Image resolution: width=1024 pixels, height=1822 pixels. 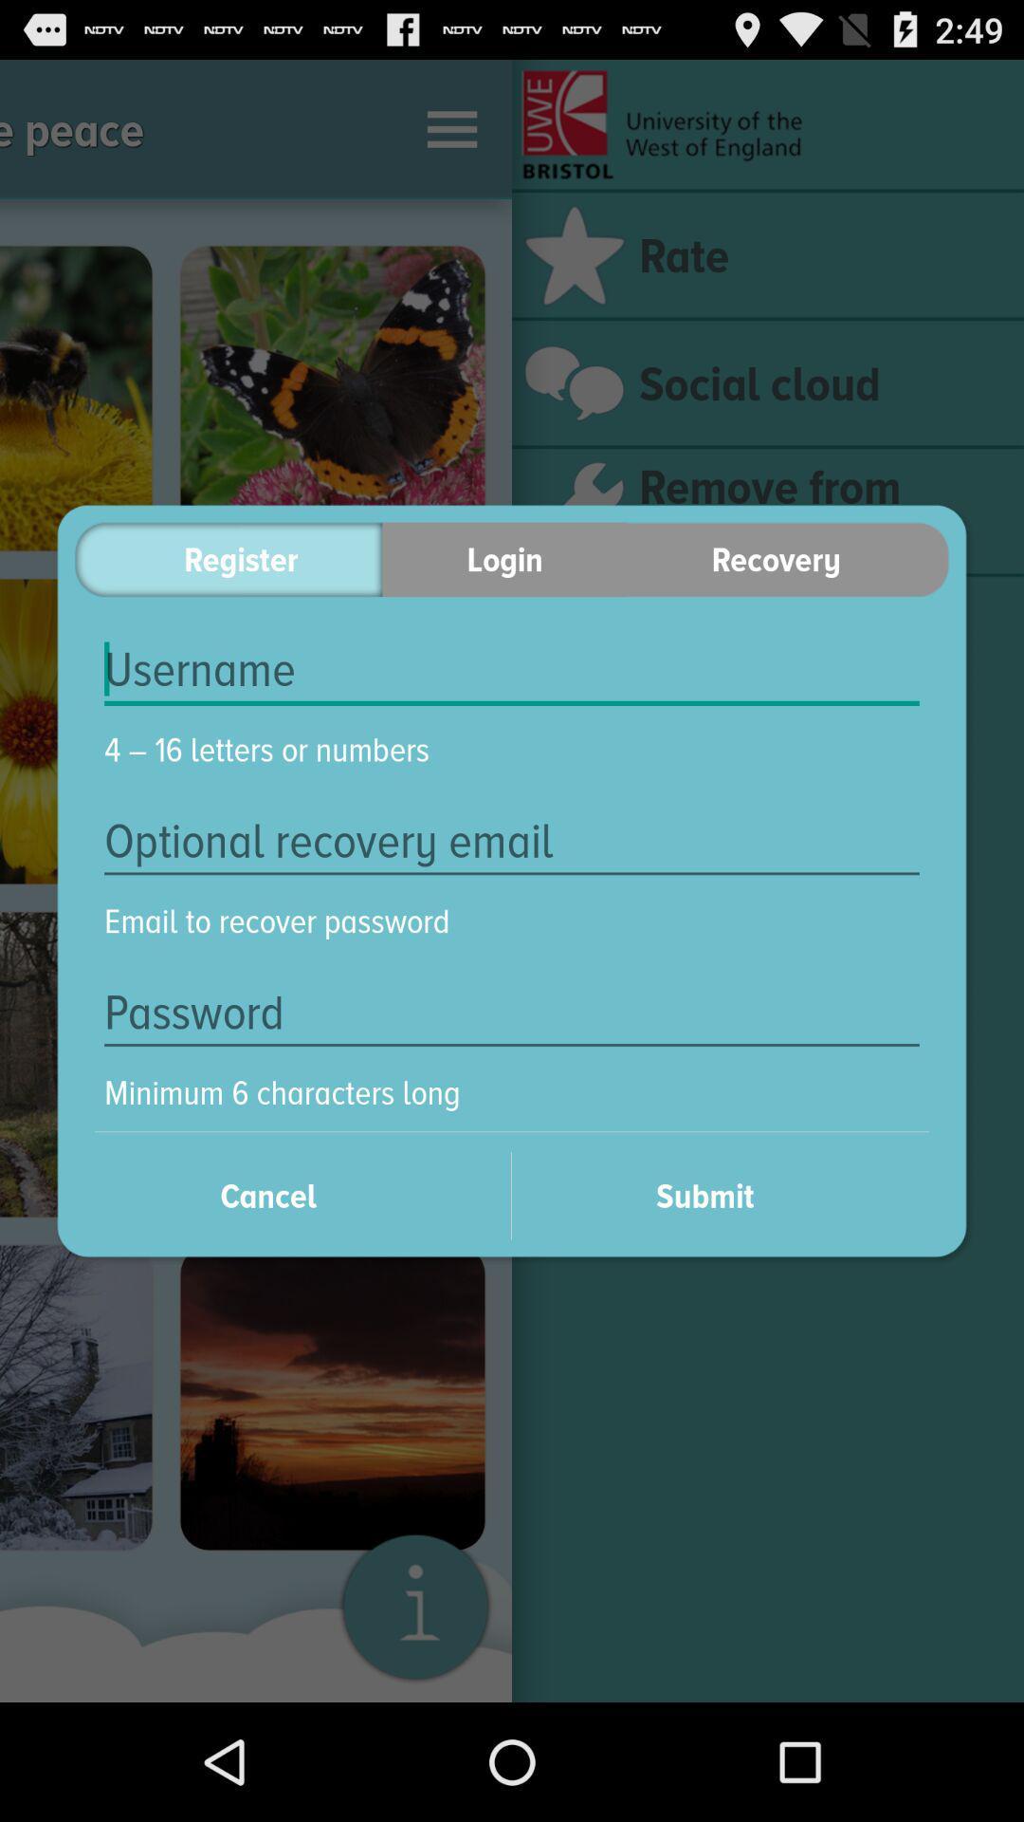 I want to click on icon next to login icon, so click(x=788, y=558).